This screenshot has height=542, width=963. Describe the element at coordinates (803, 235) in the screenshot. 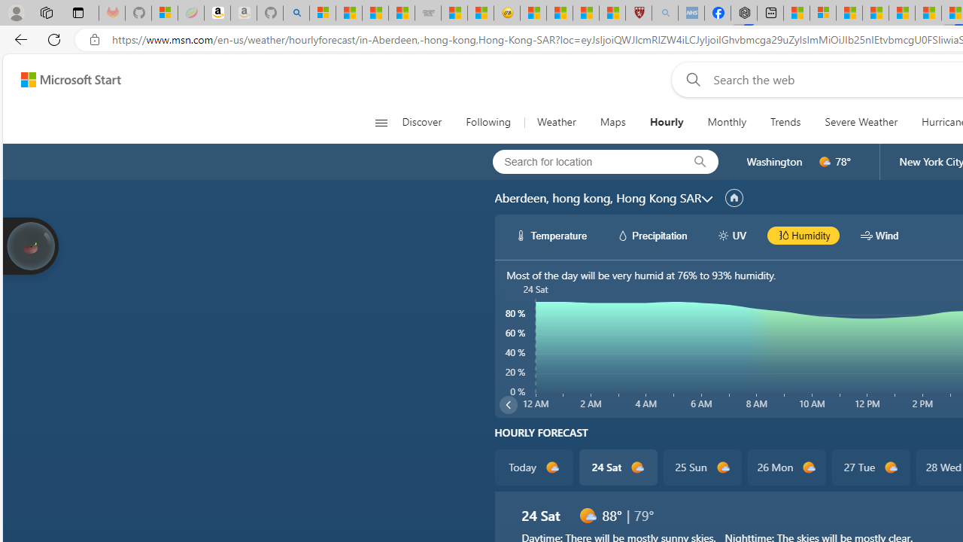

I see `'hourlyChart/humidityBlack Humidity'` at that location.